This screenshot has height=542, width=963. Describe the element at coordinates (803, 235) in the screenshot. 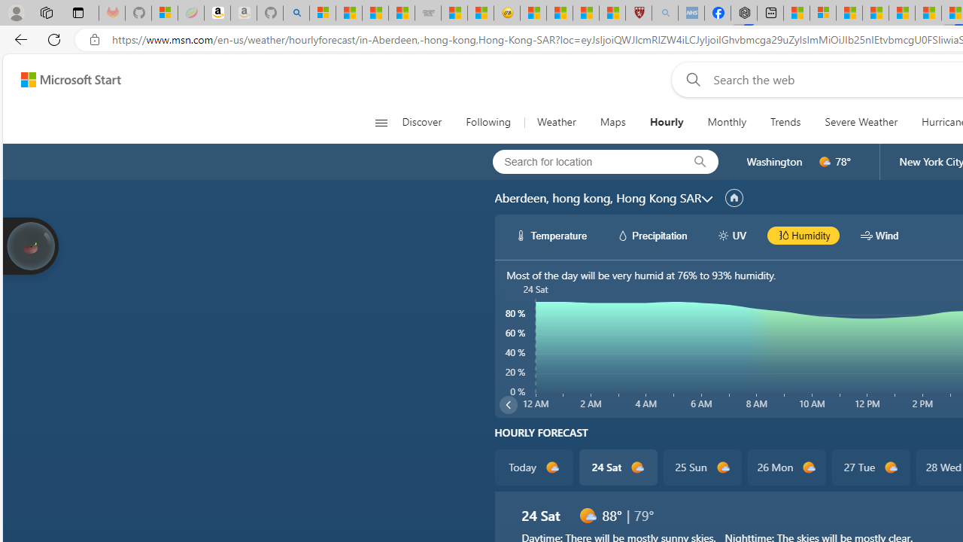

I see `'hourlyChart/humidityBlack Humidity'` at that location.